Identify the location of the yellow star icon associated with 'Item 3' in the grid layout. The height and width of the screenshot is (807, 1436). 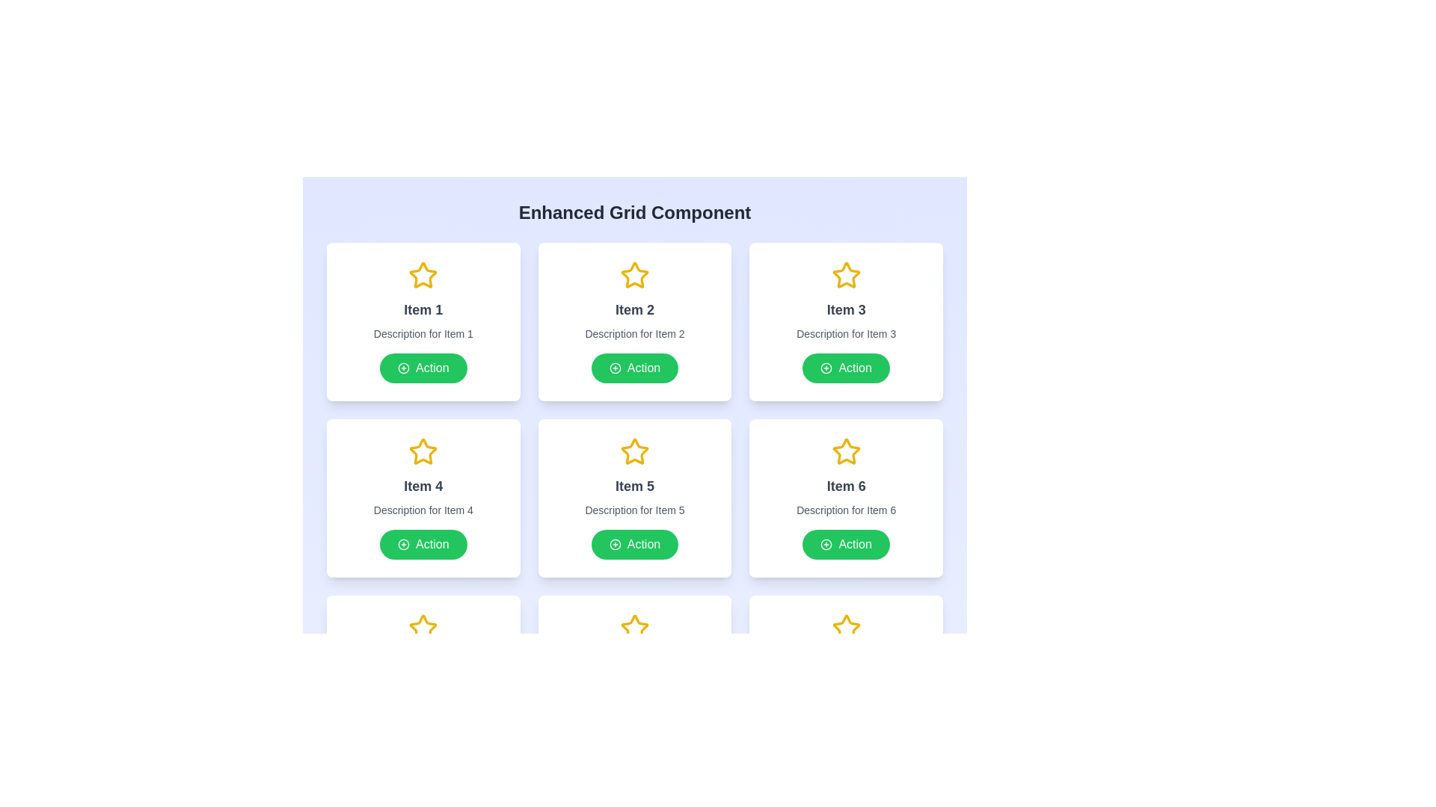
(846, 275).